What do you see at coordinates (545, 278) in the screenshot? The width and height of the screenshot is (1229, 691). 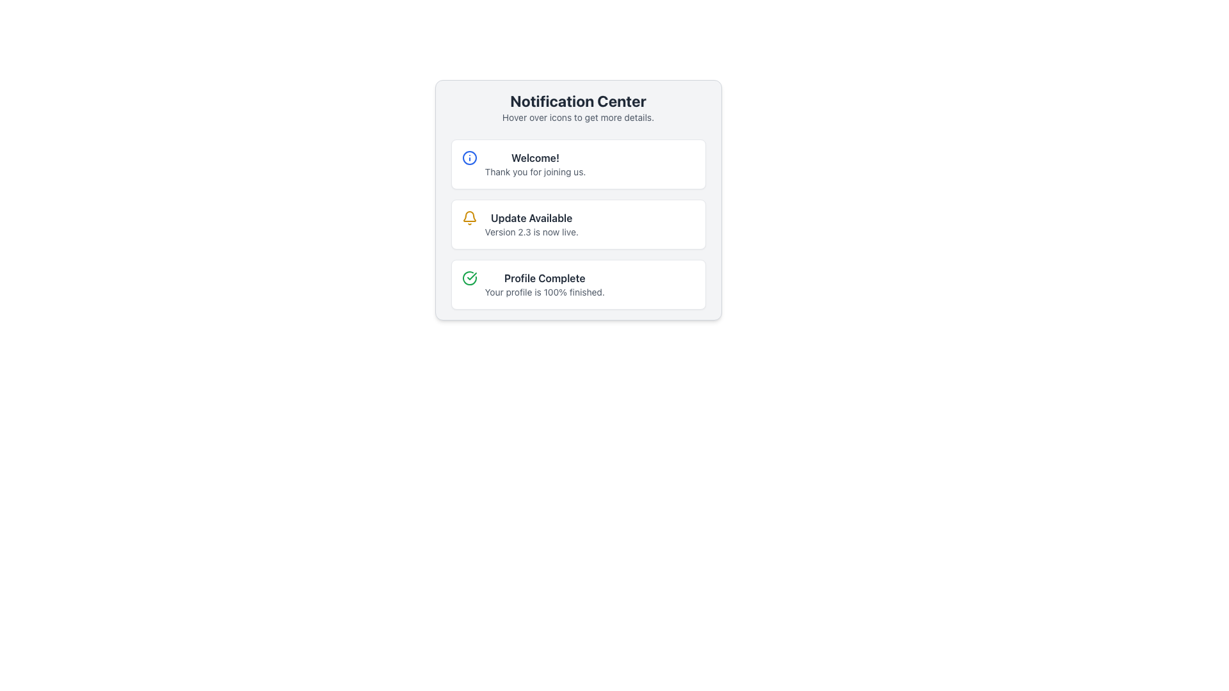 I see `the 'Profile Complete' text label, which is styled in bold, medium-sized dark gray font and located within the third notification entry of the Notification Center` at bounding box center [545, 278].